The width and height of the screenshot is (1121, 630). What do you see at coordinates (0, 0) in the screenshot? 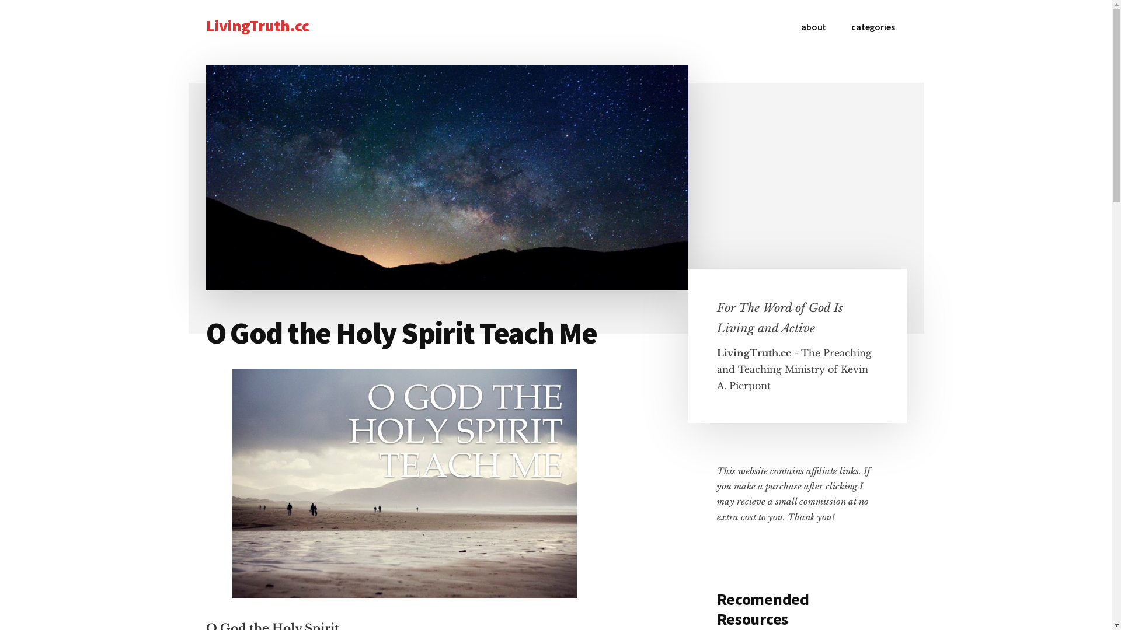
I see `'Skip to main content'` at bounding box center [0, 0].